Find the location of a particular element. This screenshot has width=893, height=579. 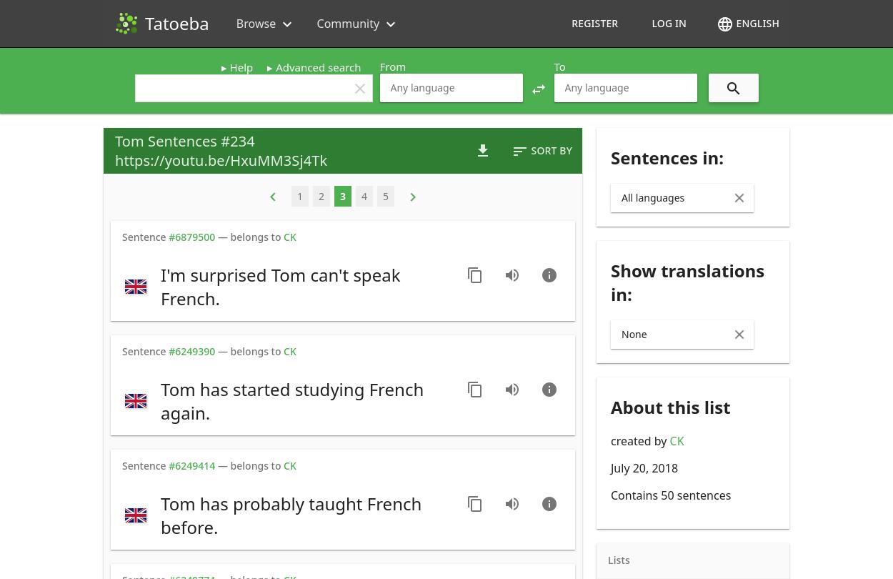

'language' is located at coordinates (724, 23).